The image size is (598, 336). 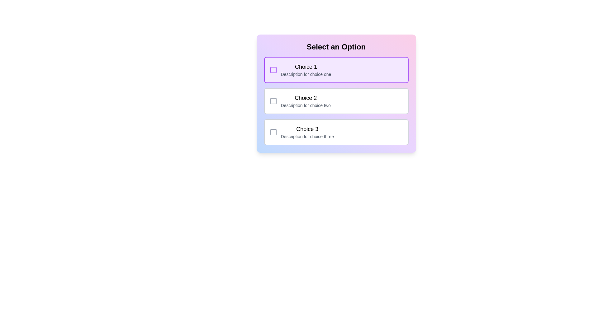 I want to click on the unselected checkbox located to the left of the text 'Choice 2', so click(x=273, y=100).